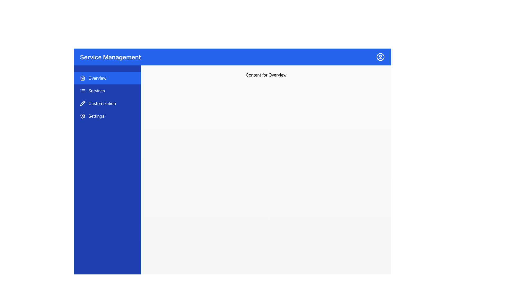  Describe the element at coordinates (82, 103) in the screenshot. I see `the pencil icon located to the left of the 'Customization' label in the vertical navigation menu` at that location.